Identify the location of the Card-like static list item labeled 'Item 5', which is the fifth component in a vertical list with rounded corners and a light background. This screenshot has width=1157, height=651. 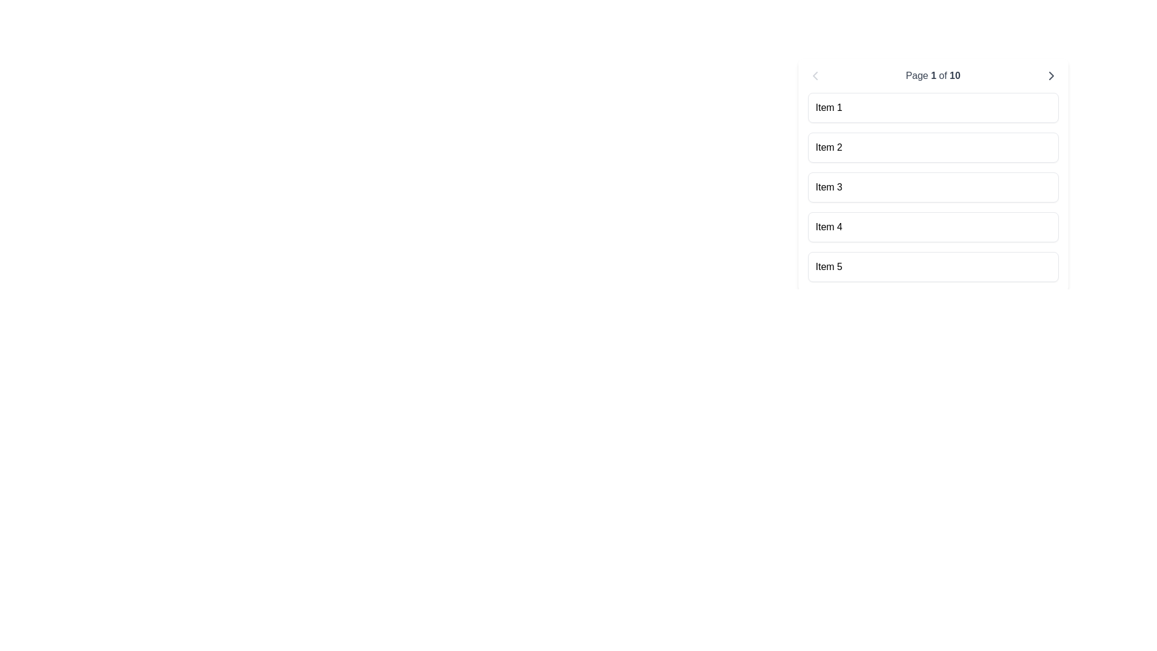
(932, 266).